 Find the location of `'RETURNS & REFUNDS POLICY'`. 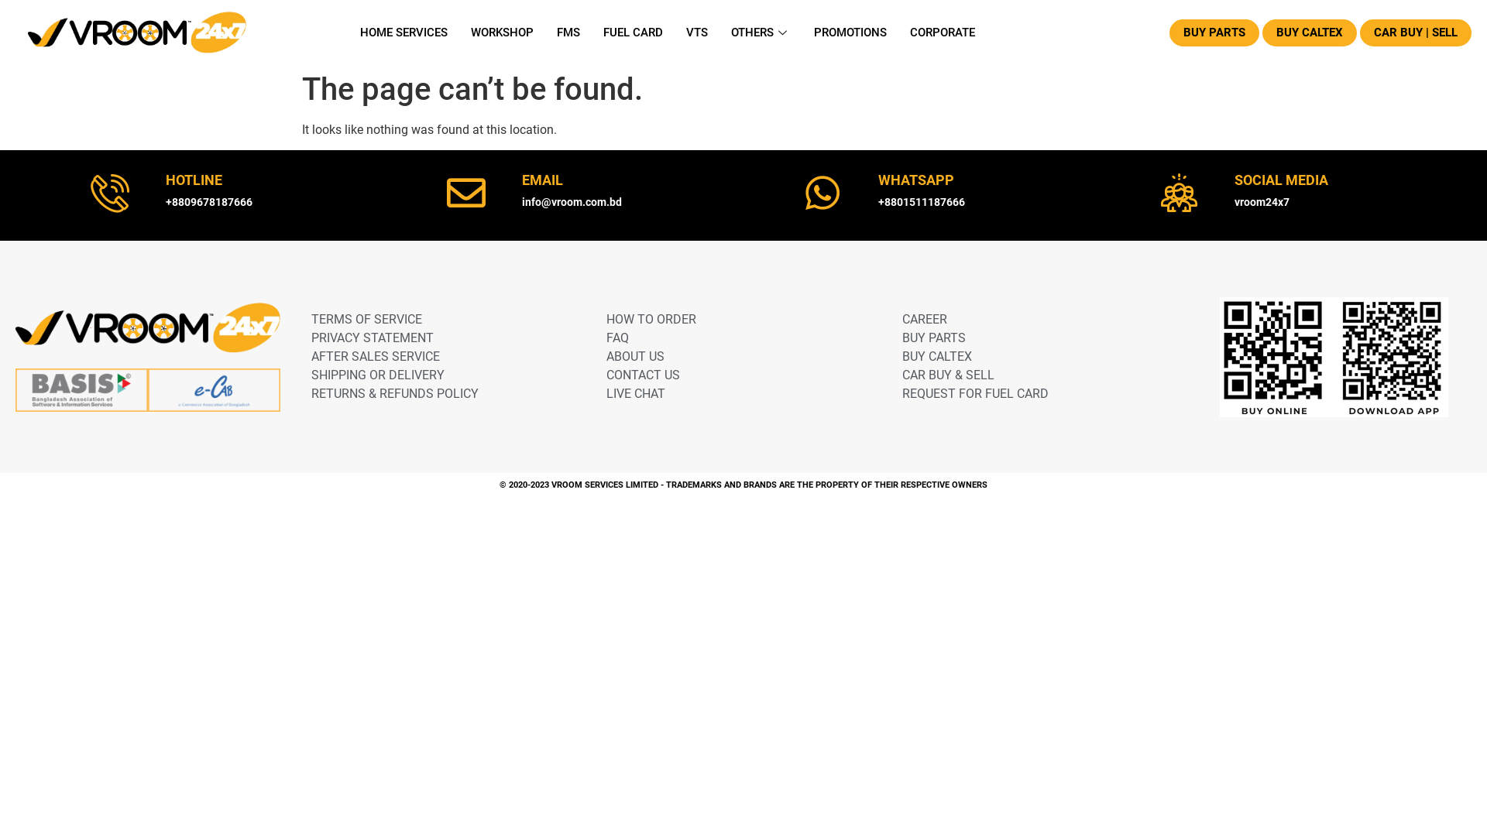

'RETURNS & REFUNDS POLICY' is located at coordinates (434, 393).